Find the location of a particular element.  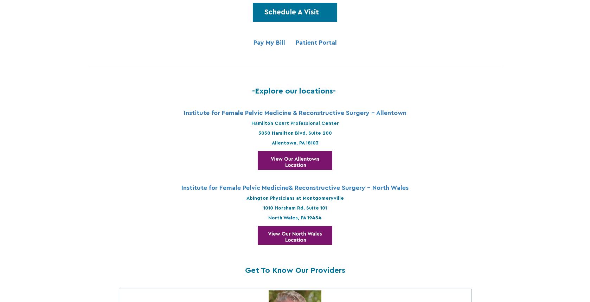

'Institute for Female Pelvic Medicine& Reconstructive Surgery - North Wales' is located at coordinates (181, 187).